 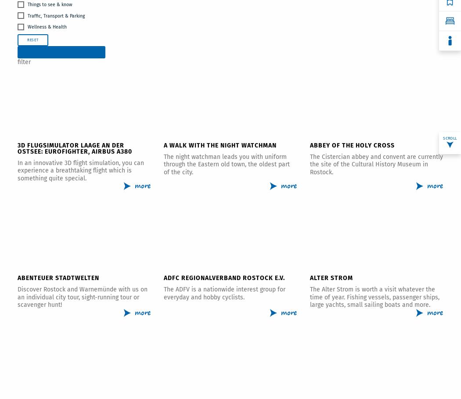 What do you see at coordinates (17, 277) in the screenshot?
I see `'Abenteuer Stadtwelten'` at bounding box center [17, 277].